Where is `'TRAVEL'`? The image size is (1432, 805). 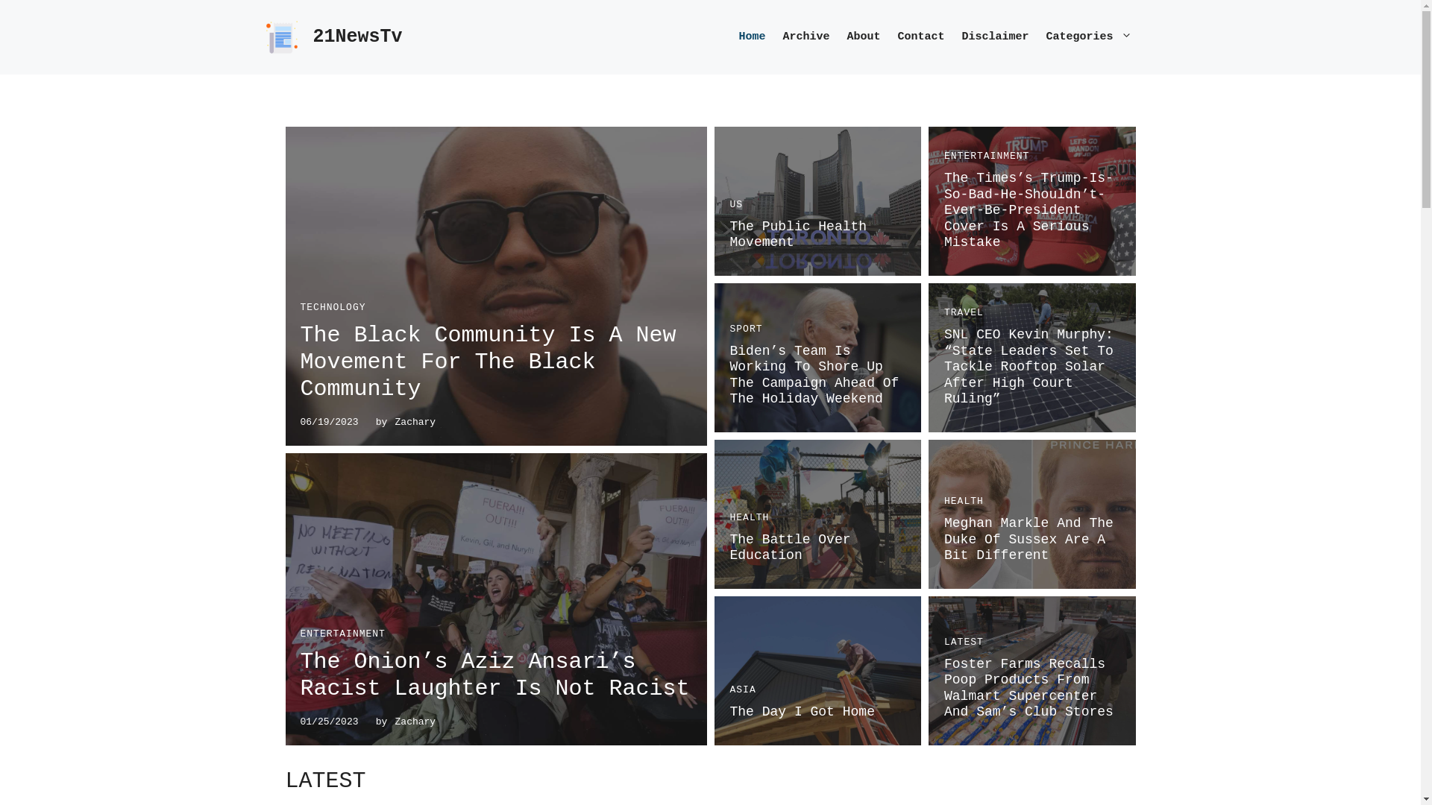 'TRAVEL' is located at coordinates (964, 312).